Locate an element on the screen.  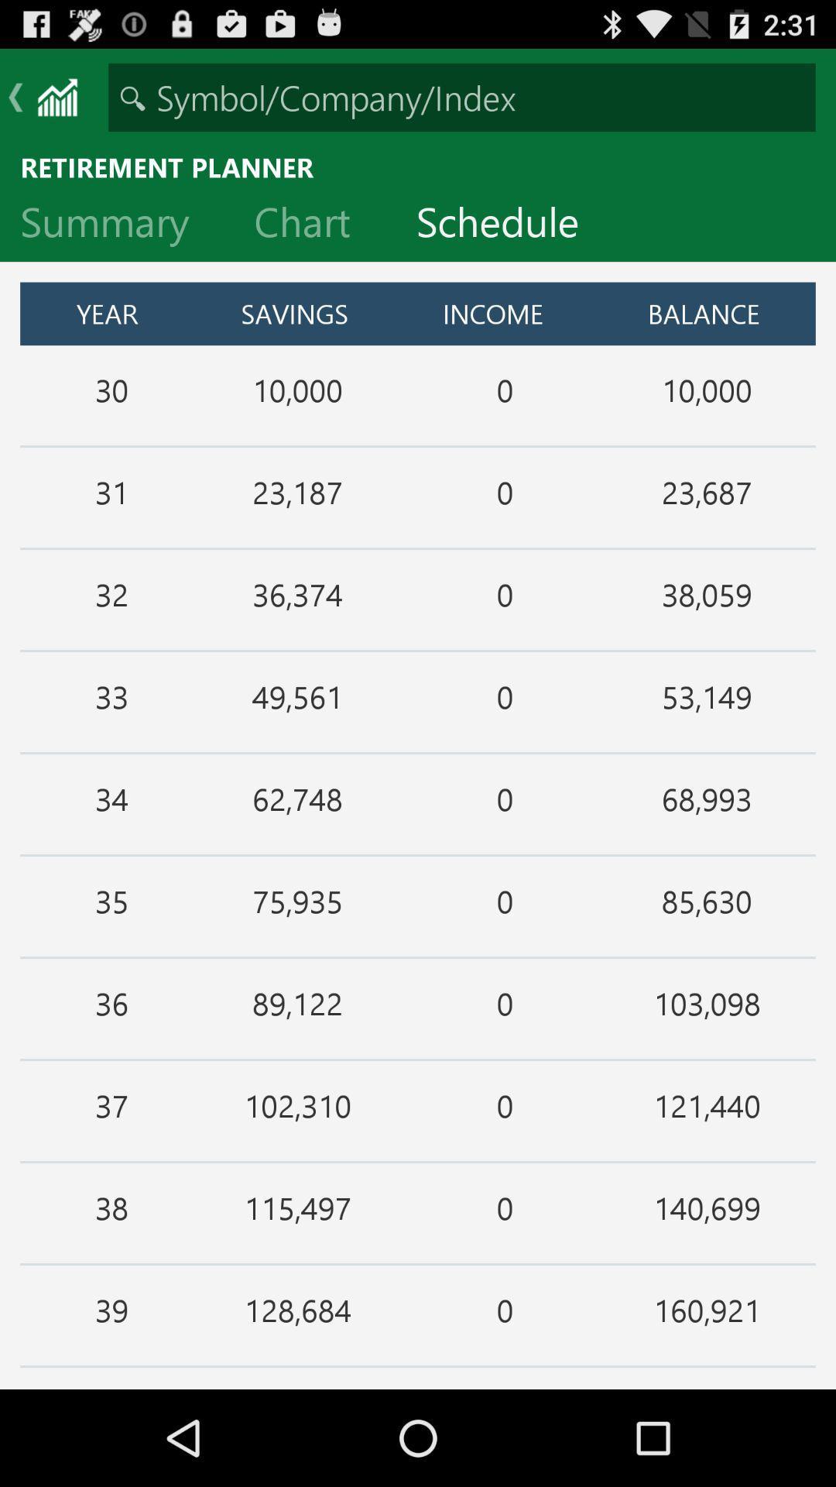
the item below retirement planner icon is located at coordinates (313, 225).